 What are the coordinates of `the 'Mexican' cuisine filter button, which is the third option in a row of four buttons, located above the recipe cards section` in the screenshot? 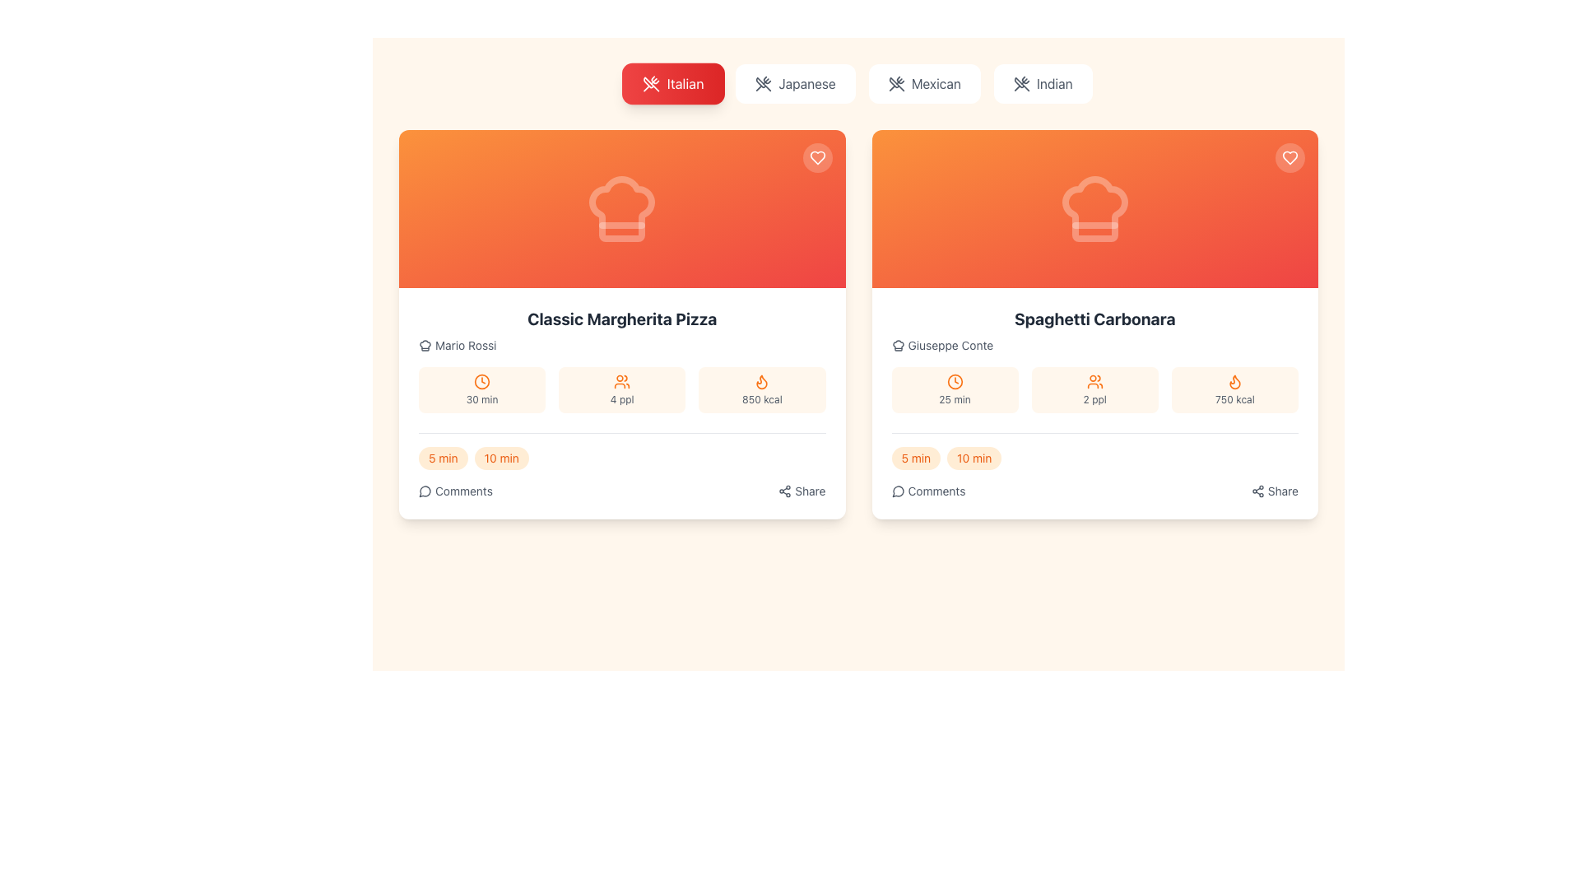 It's located at (924, 83).